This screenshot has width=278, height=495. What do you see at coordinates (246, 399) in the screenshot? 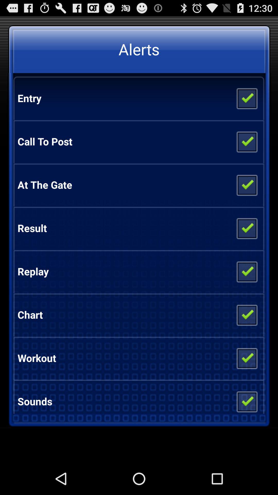
I see `sounds` at bounding box center [246, 399].